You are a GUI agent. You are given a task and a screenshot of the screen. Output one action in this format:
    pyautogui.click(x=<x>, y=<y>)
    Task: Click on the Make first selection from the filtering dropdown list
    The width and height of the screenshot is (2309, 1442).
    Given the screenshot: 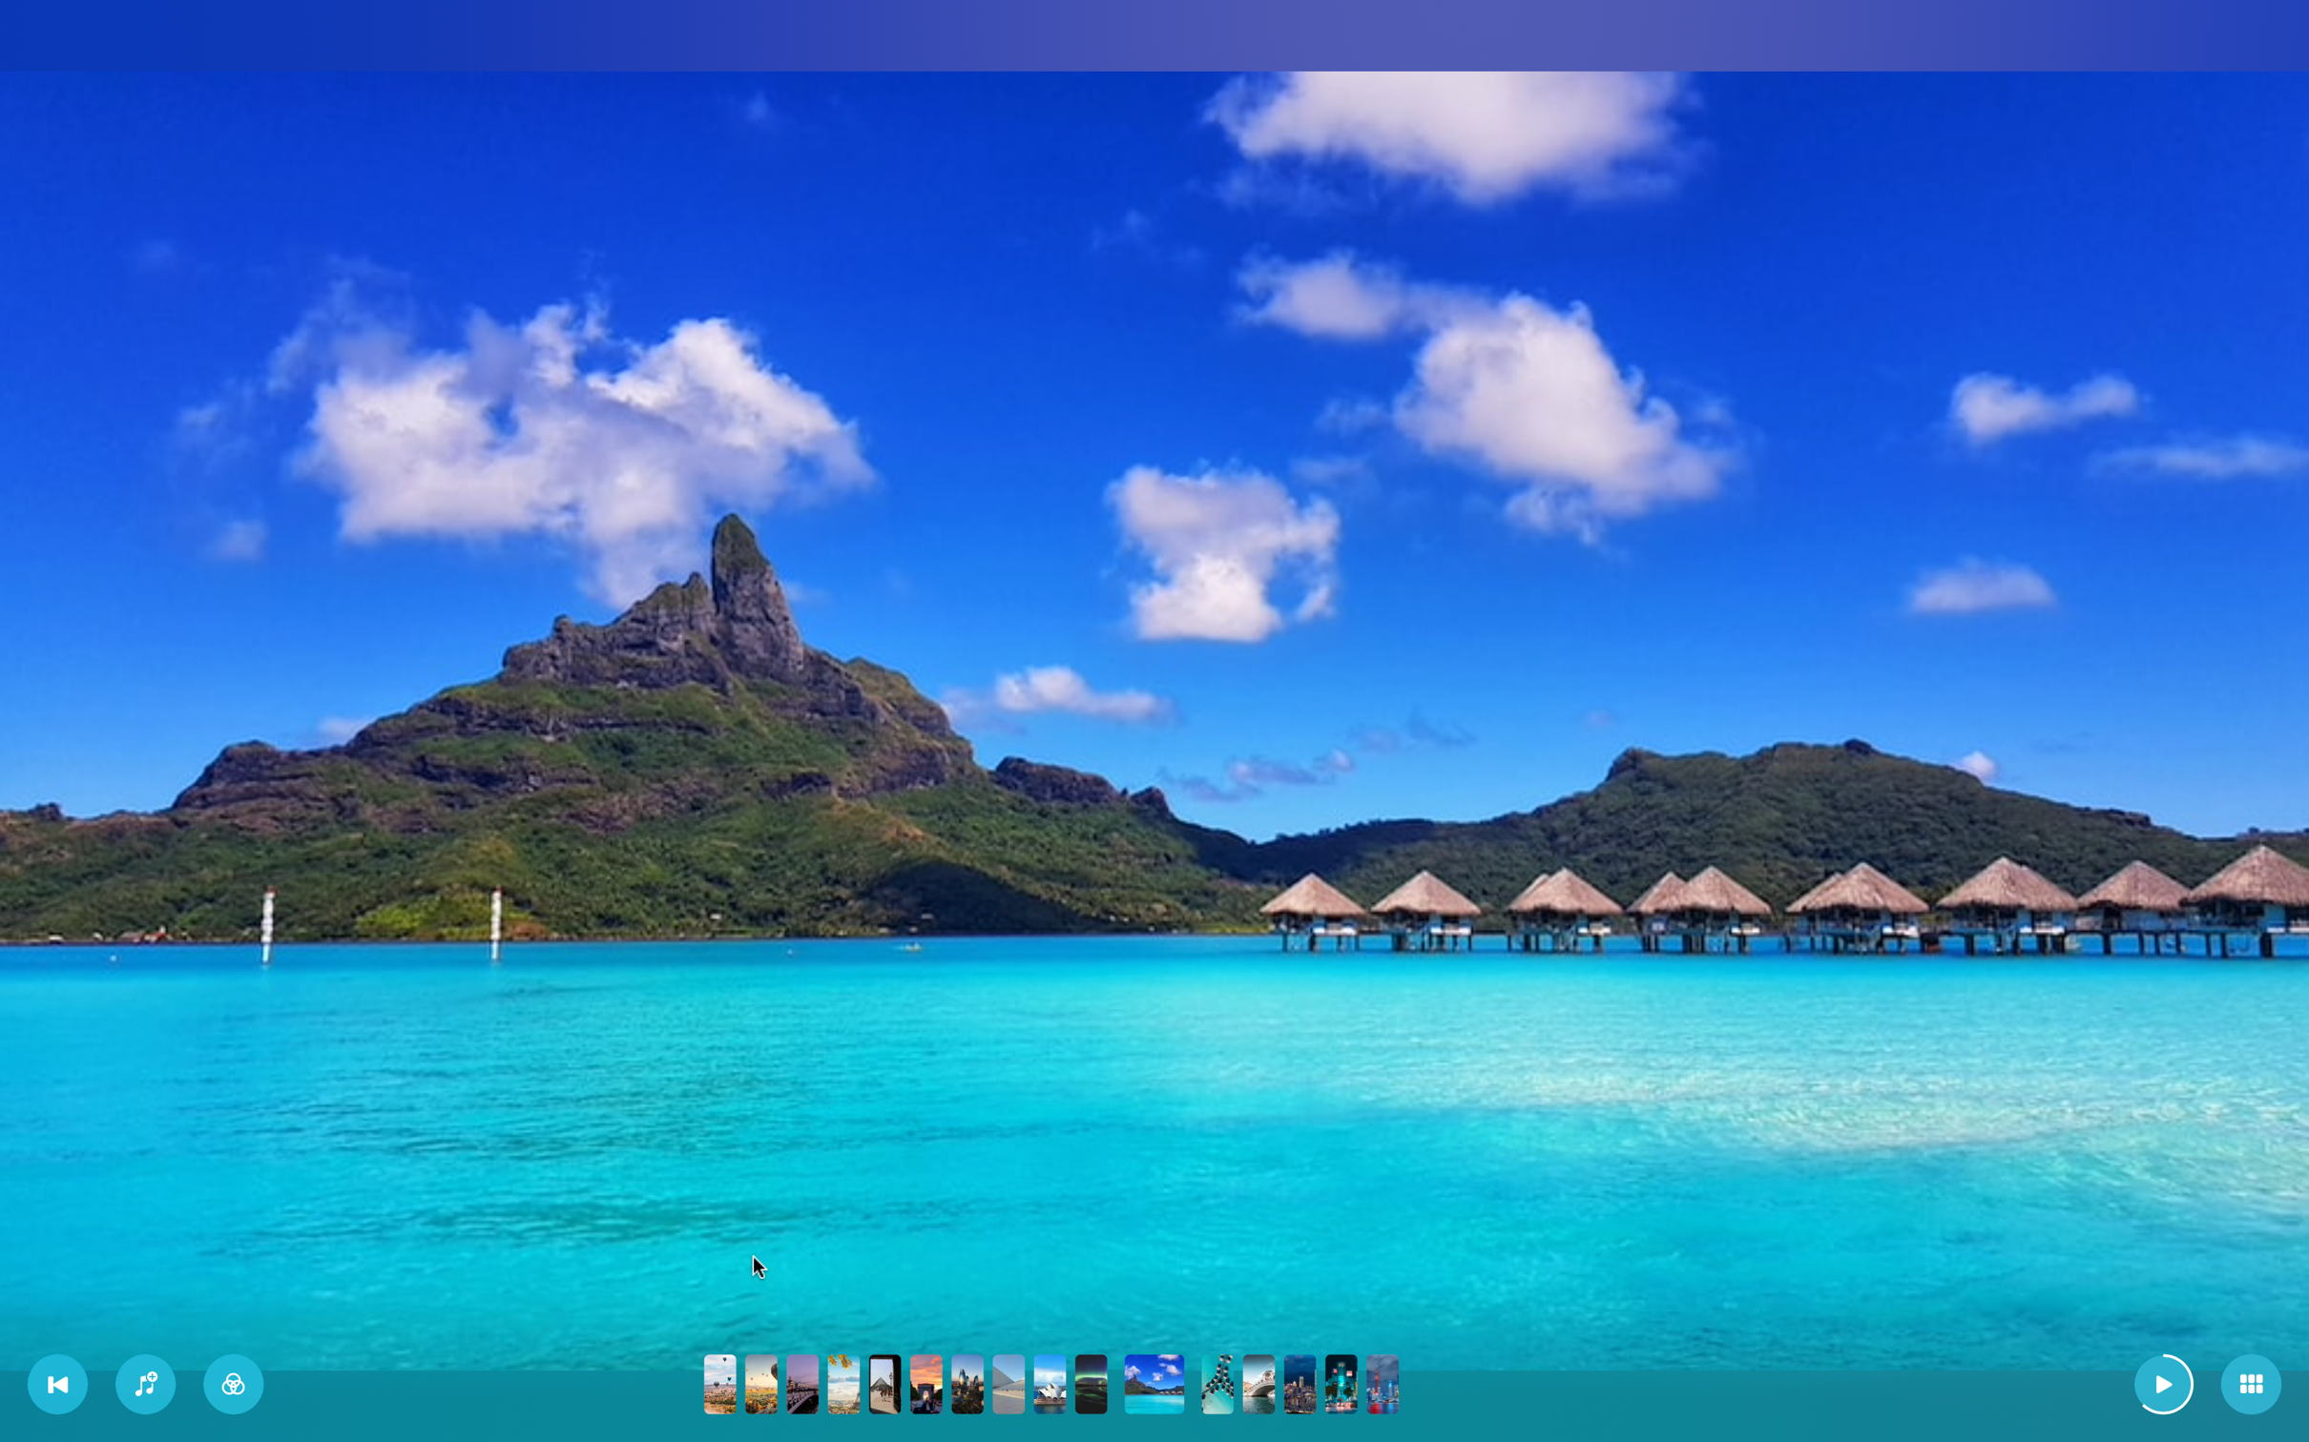 What is the action you would take?
    pyautogui.click(x=234, y=1383)
    